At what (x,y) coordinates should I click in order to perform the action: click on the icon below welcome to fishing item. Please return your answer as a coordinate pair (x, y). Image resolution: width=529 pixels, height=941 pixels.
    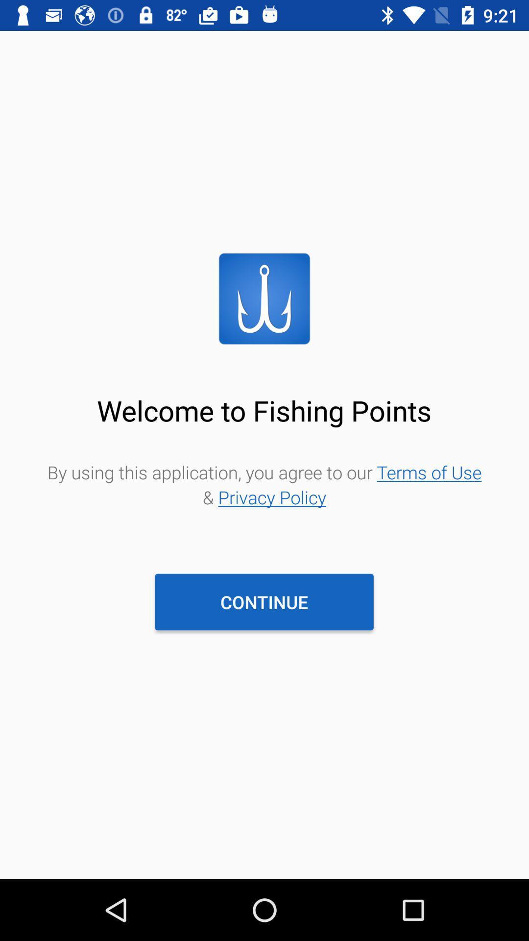
    Looking at the image, I should click on (264, 485).